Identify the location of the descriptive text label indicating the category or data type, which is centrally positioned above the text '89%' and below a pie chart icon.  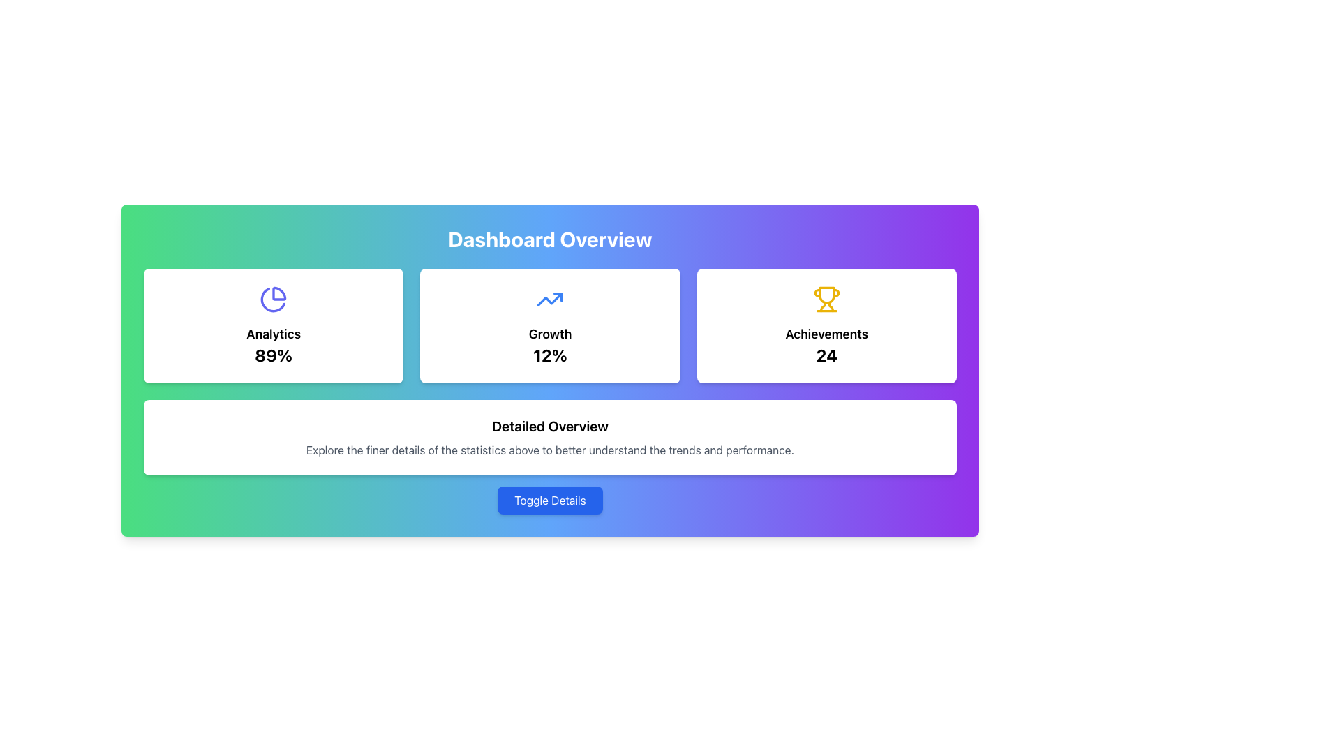
(274, 334).